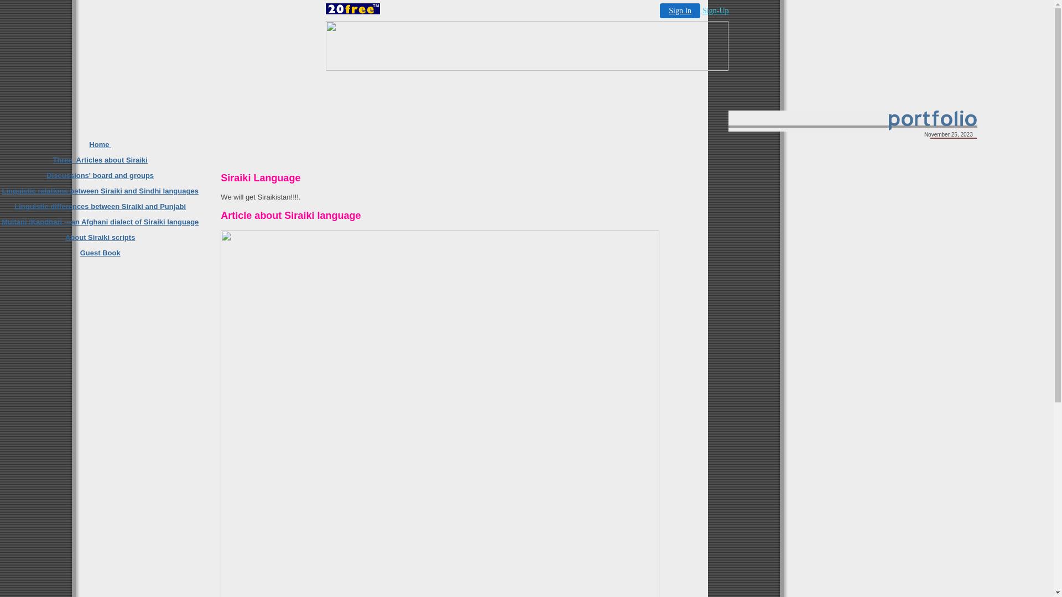  What do you see at coordinates (79, 253) in the screenshot?
I see `'Guest Book'` at bounding box center [79, 253].